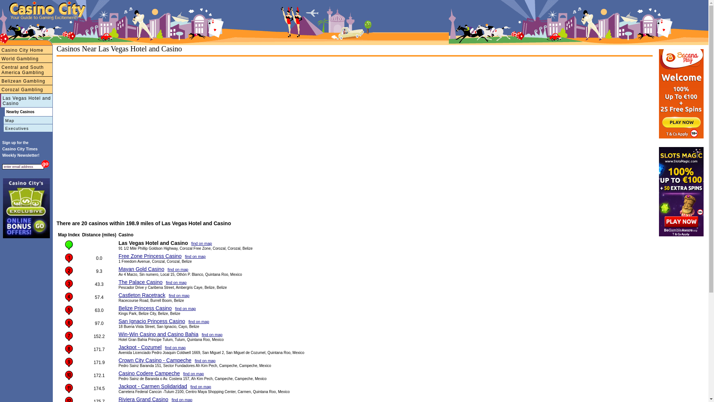 Image resolution: width=714 pixels, height=402 pixels. What do you see at coordinates (195, 256) in the screenshot?
I see `'find on map'` at bounding box center [195, 256].